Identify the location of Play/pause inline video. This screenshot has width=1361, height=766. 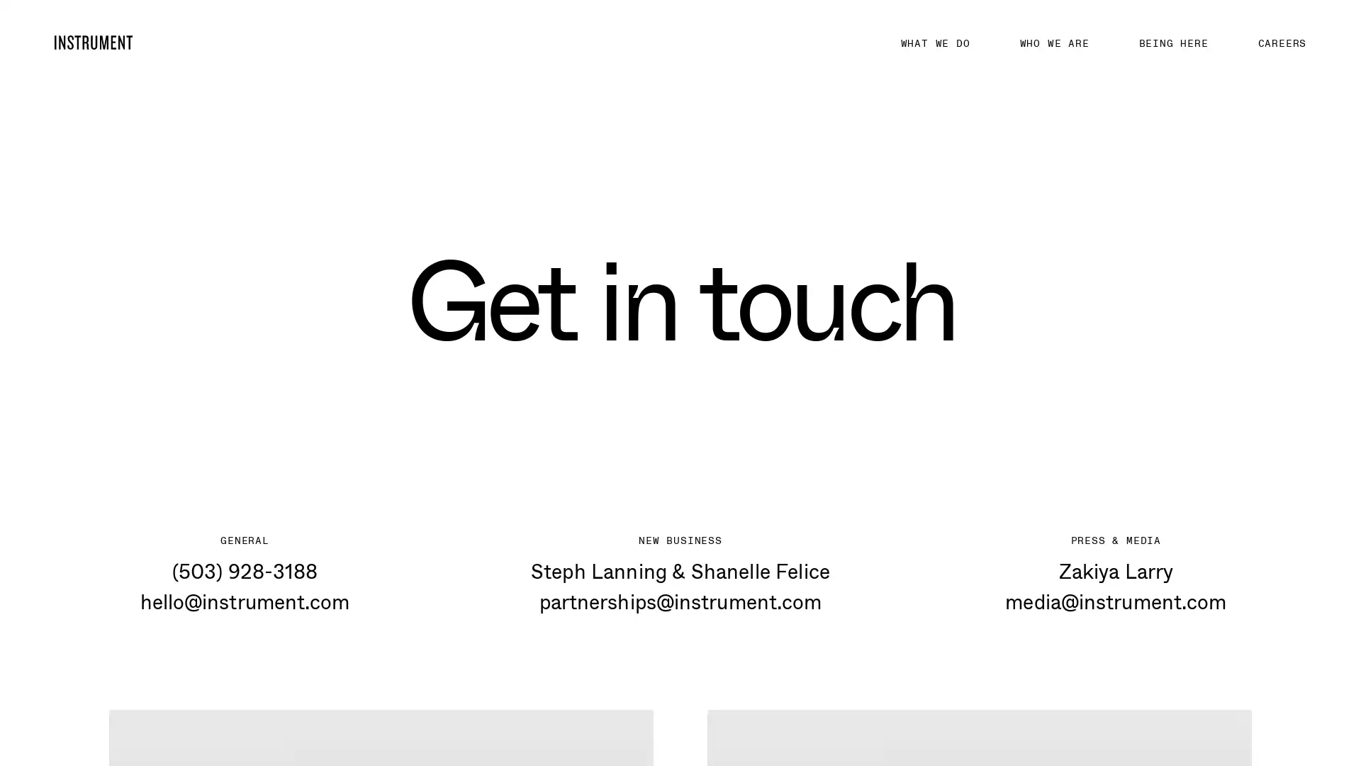
(135, 709).